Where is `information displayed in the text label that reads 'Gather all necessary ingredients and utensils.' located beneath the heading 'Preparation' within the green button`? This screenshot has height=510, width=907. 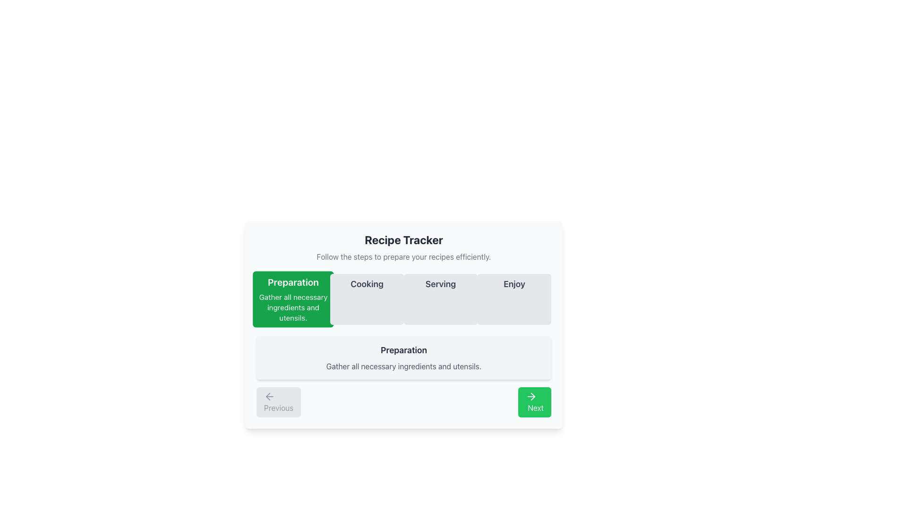 information displayed in the text label that reads 'Gather all necessary ingredients and utensils.' located beneath the heading 'Preparation' within the green button is located at coordinates (292, 307).